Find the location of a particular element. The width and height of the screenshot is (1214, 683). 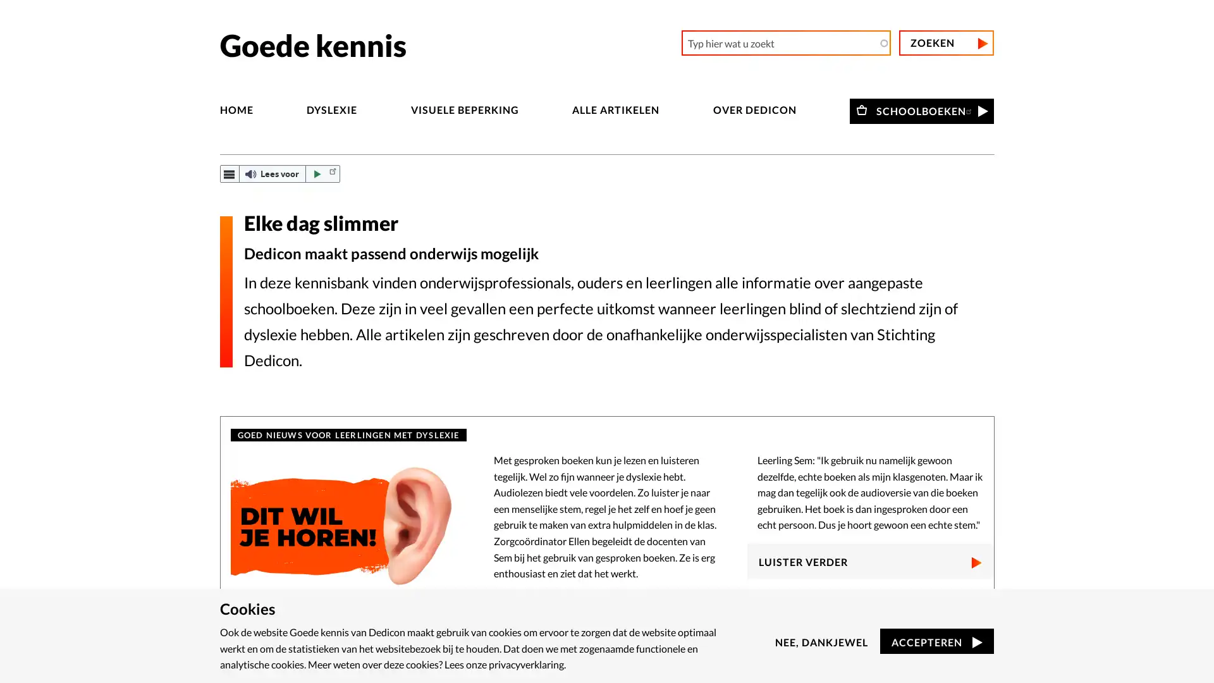

ACCEPTEREN is located at coordinates (937, 641).